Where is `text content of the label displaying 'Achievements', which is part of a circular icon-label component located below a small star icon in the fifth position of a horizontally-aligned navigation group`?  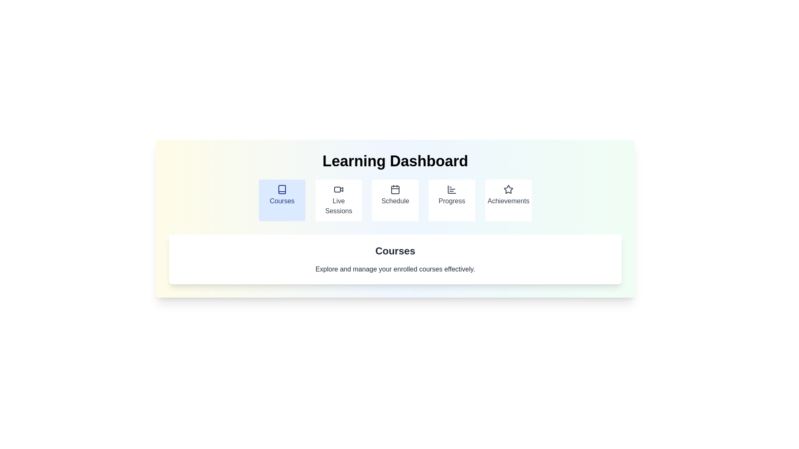 text content of the label displaying 'Achievements', which is part of a circular icon-label component located below a small star icon in the fifth position of a horizontally-aligned navigation group is located at coordinates (508, 201).